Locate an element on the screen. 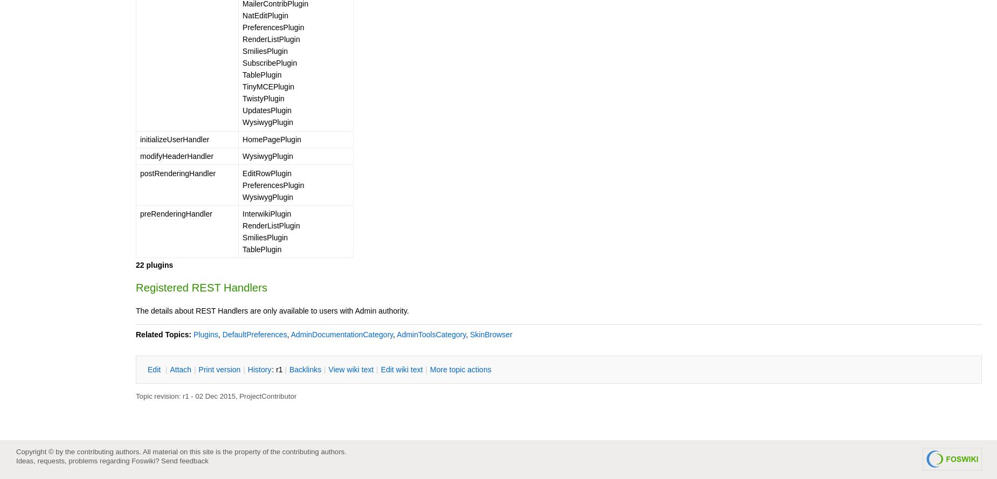  'SkinBrowser' is located at coordinates (490, 333).